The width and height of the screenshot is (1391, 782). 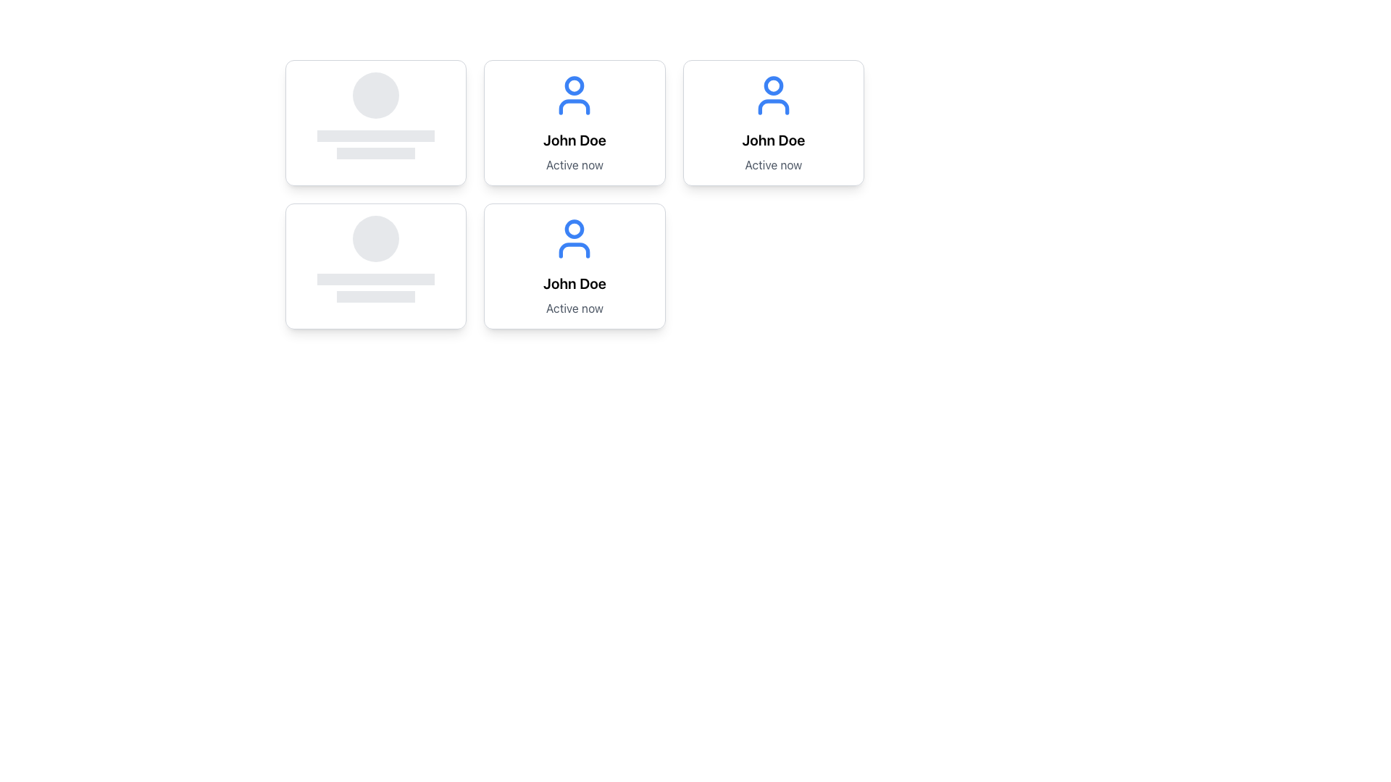 What do you see at coordinates (574, 122) in the screenshot?
I see `on the second user profile card in the top row` at bounding box center [574, 122].